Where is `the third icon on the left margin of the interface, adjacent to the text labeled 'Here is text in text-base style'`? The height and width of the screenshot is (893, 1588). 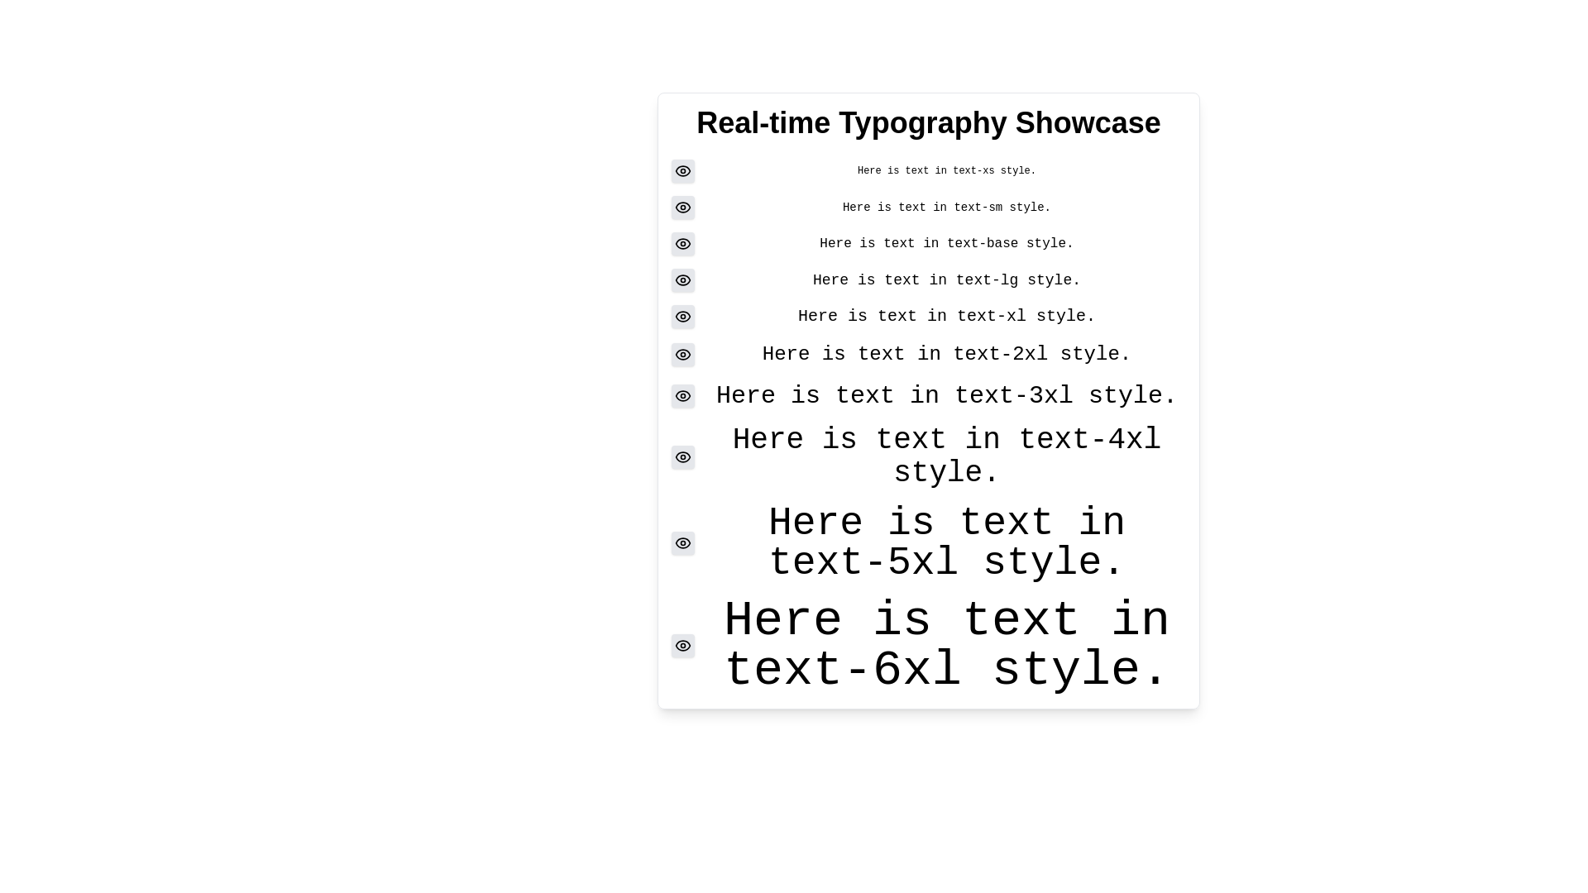
the third icon on the left margin of the interface, adjacent to the text labeled 'Here is text in text-base style' is located at coordinates (682, 243).